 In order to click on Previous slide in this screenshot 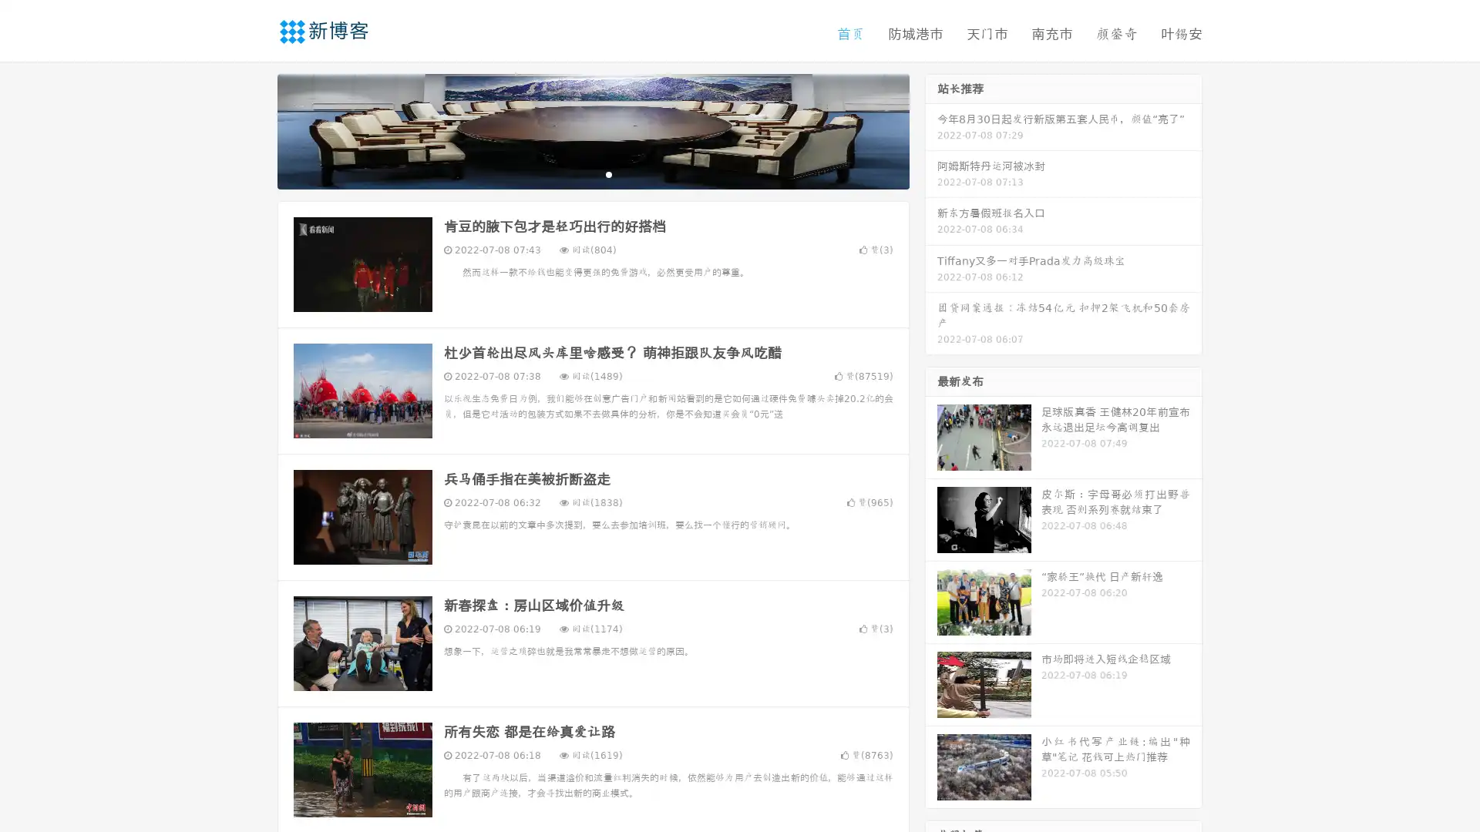, I will do `click(254, 129)`.